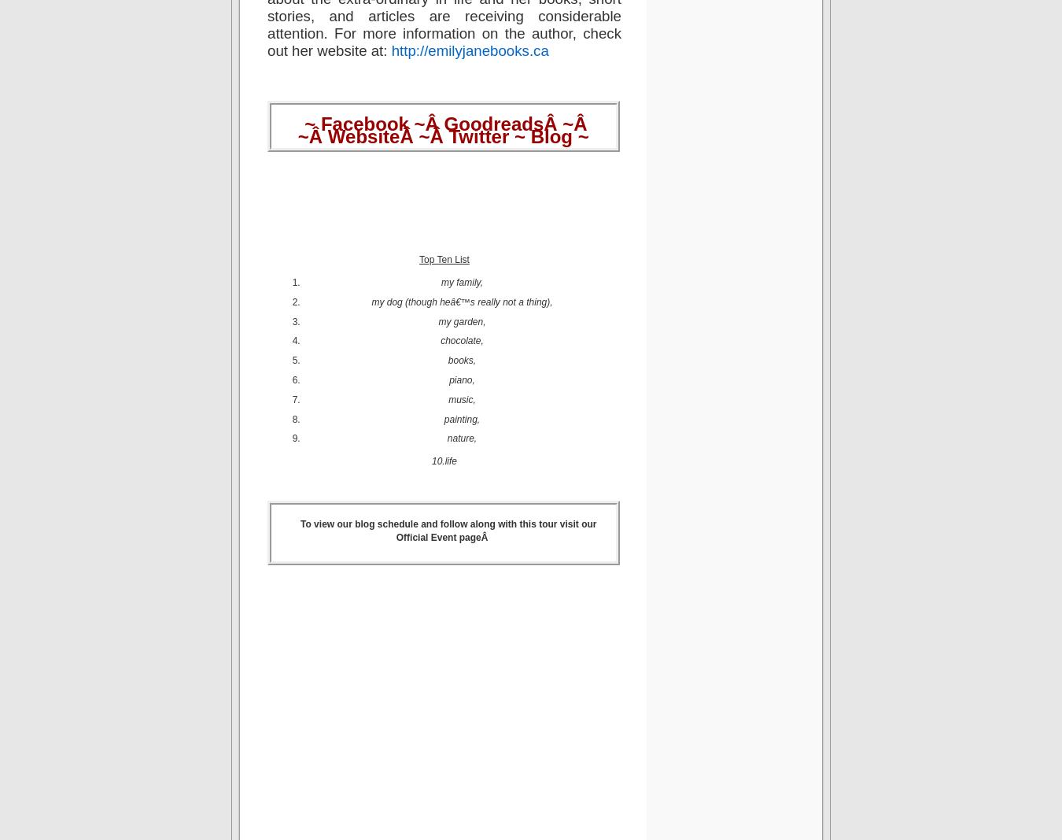  Describe the element at coordinates (461, 282) in the screenshot. I see `'my family,'` at that location.